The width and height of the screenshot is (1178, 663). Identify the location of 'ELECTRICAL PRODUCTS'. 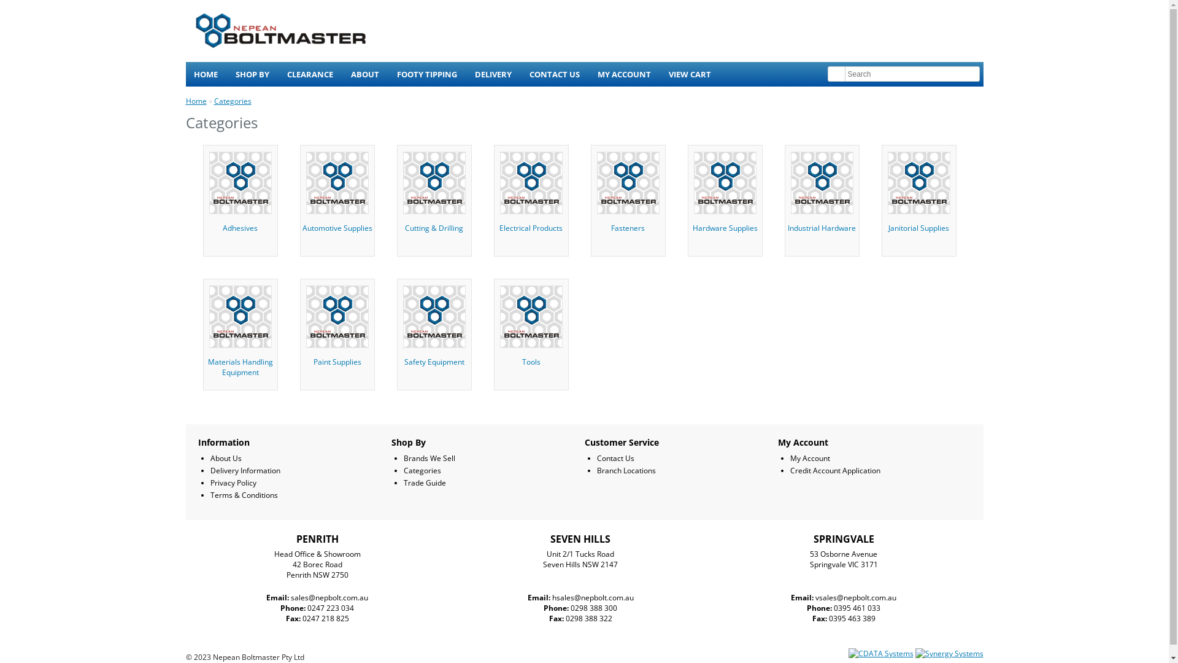
(530, 182).